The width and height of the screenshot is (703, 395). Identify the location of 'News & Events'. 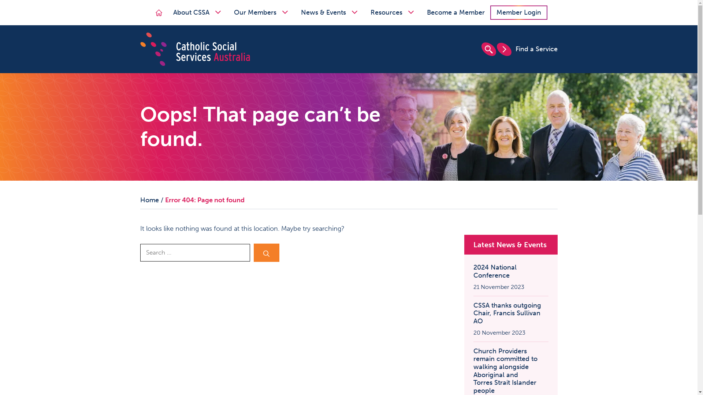
(330, 12).